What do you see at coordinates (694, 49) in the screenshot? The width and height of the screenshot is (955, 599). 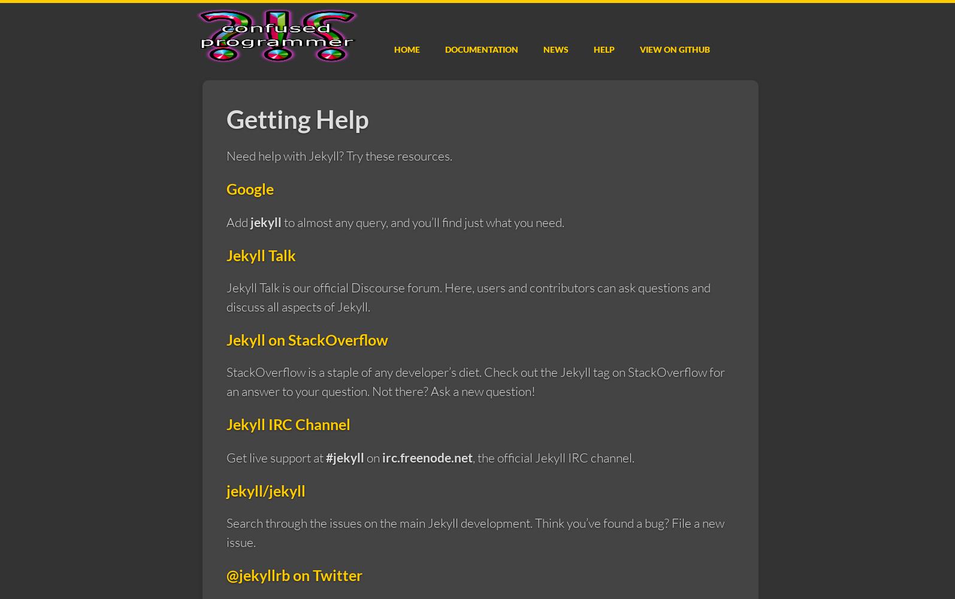 I see `'GitHub'` at bounding box center [694, 49].